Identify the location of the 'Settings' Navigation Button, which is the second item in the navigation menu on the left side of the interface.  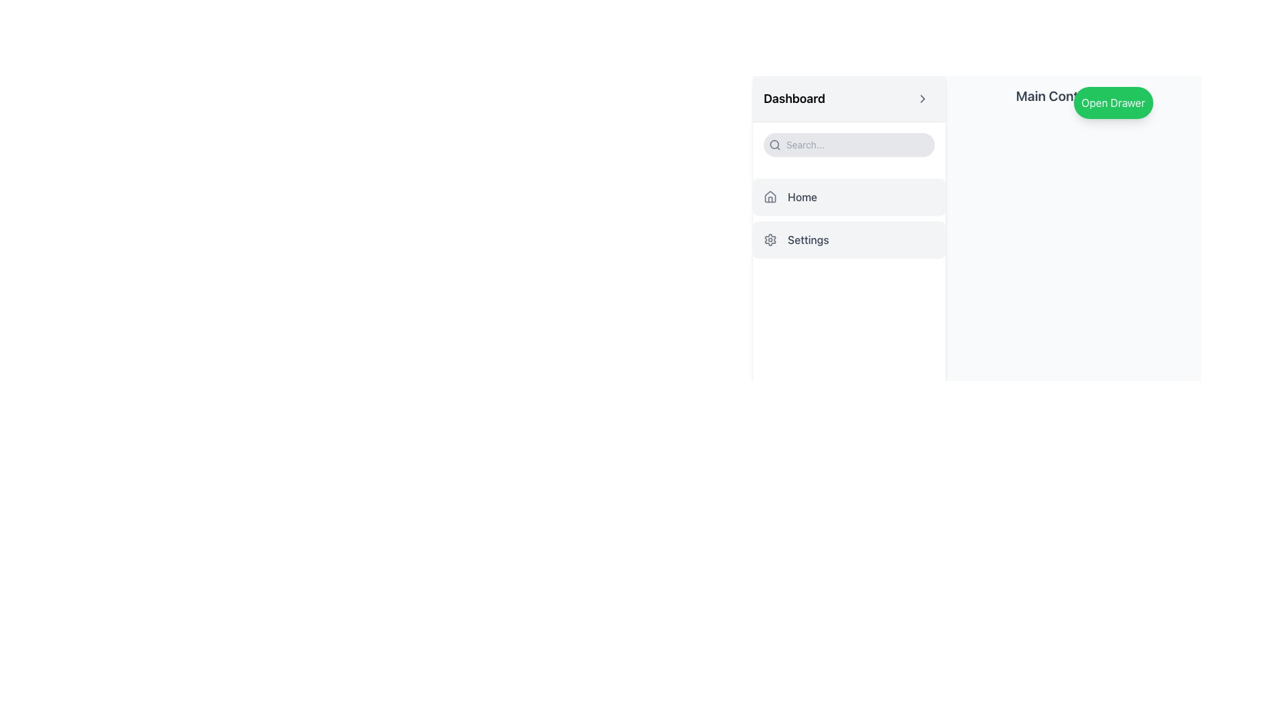
(849, 239).